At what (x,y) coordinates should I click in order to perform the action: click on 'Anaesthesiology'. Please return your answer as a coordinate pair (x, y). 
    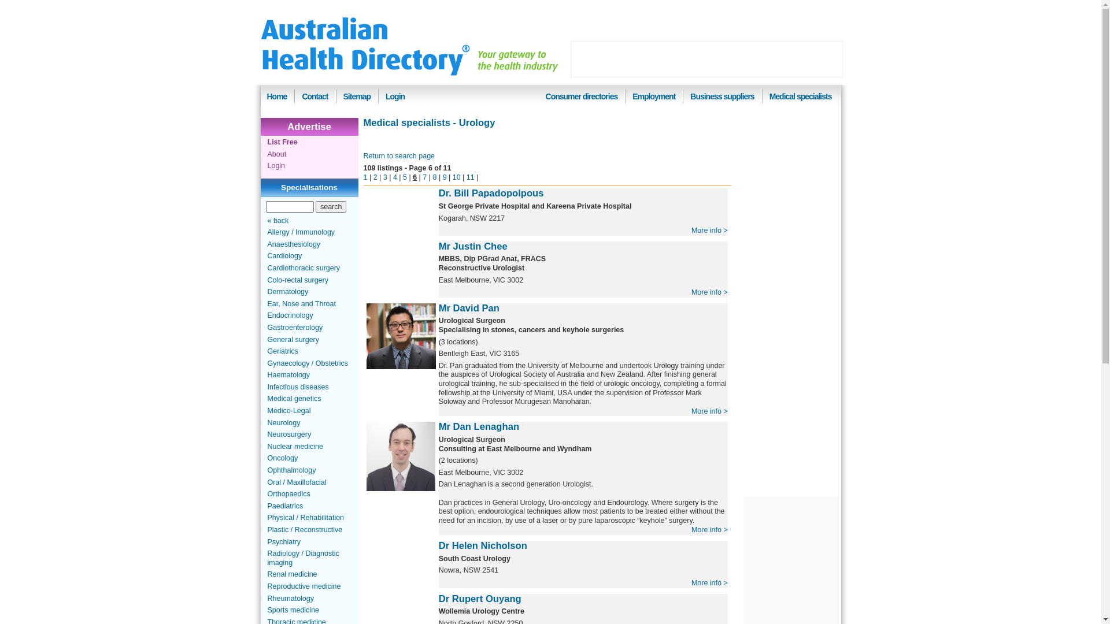
    Looking at the image, I should click on (294, 244).